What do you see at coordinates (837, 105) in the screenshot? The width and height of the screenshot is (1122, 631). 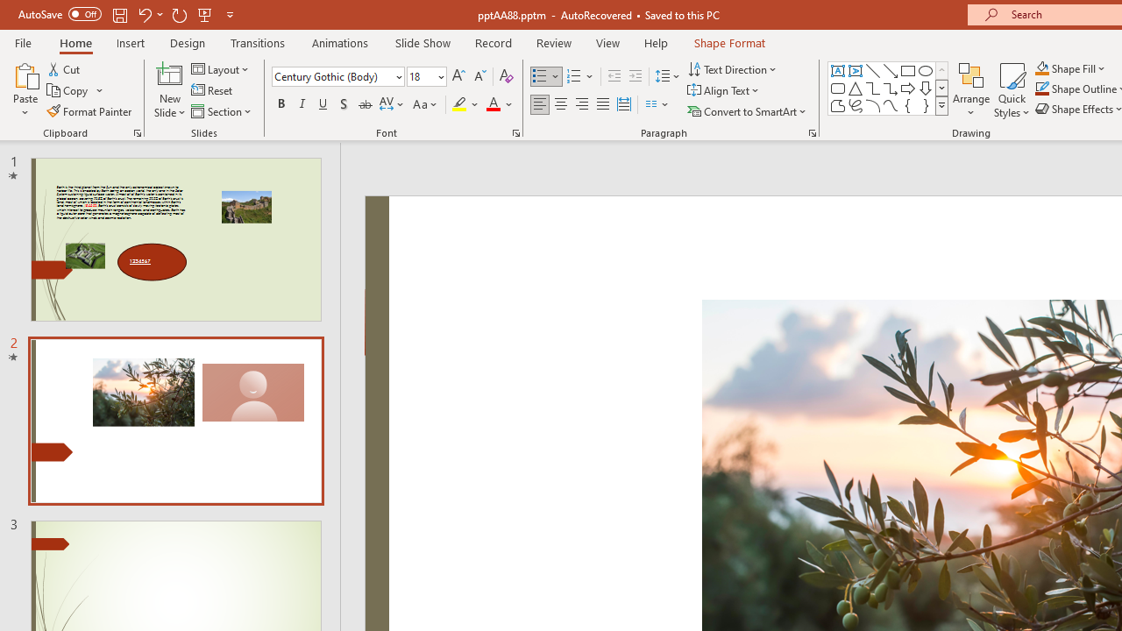 I see `'Freeform: Shape'` at bounding box center [837, 105].